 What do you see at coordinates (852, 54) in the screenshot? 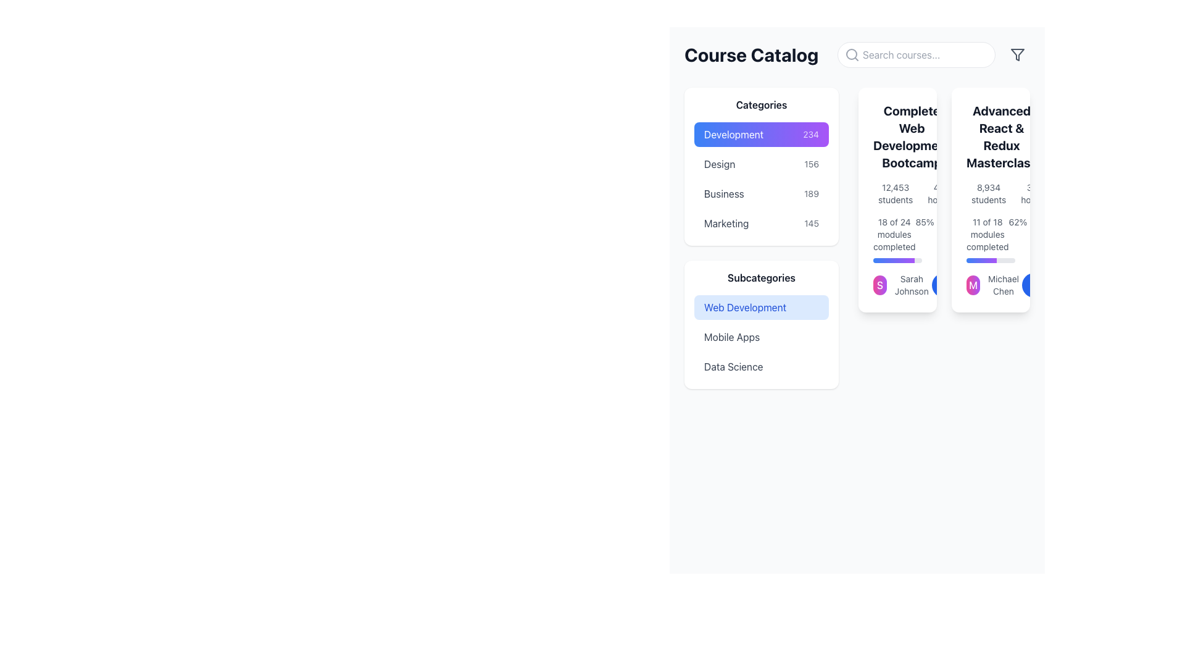
I see `the search icon represented by a gray magnifying glass outline` at bounding box center [852, 54].